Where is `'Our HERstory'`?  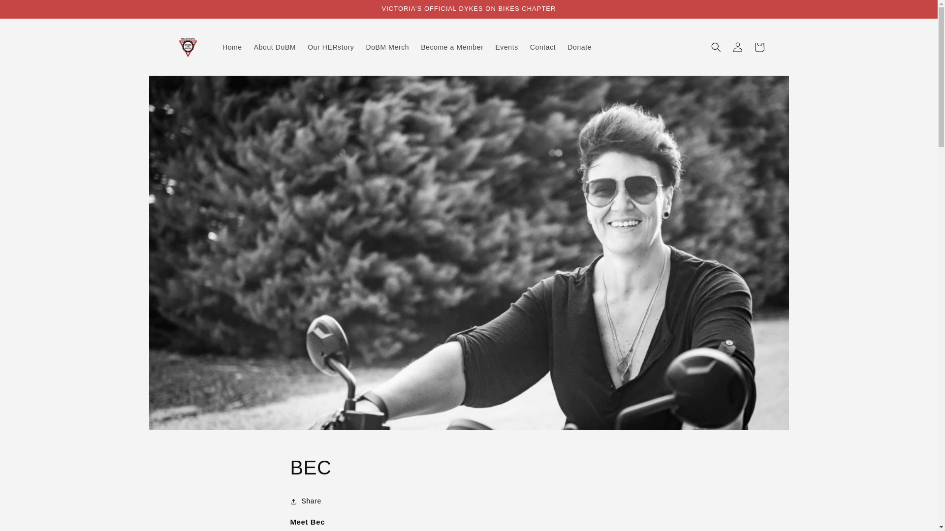
'Our HERstory' is located at coordinates (331, 47).